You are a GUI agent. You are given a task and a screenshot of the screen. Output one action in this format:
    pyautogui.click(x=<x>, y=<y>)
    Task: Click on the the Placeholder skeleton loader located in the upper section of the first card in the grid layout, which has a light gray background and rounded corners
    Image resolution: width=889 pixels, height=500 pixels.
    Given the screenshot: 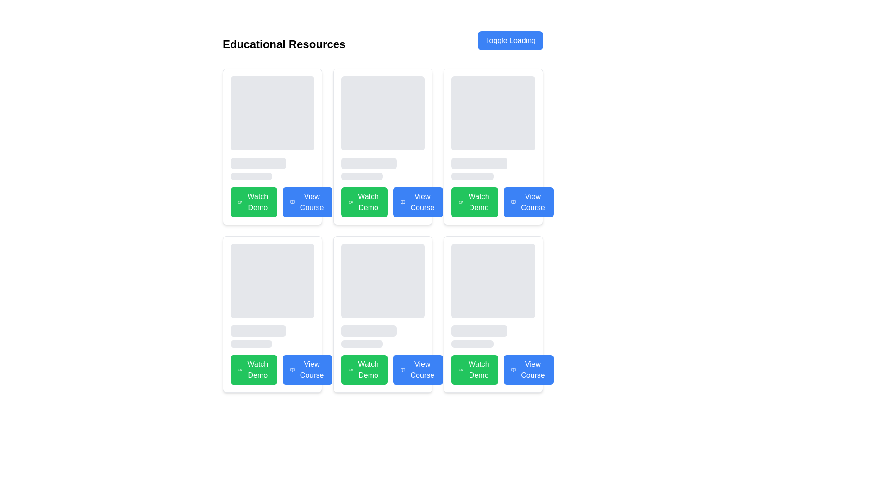 What is the action you would take?
    pyautogui.click(x=272, y=128)
    